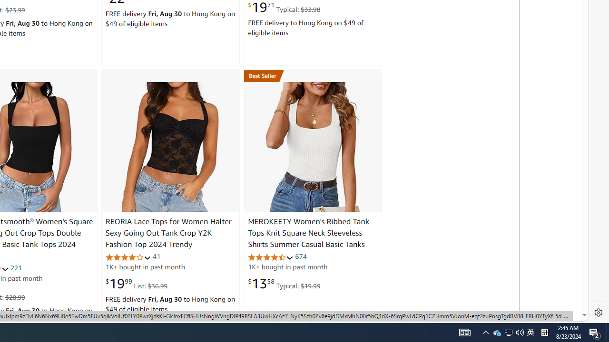 The image size is (609, 342). What do you see at coordinates (156, 256) in the screenshot?
I see `'41'` at bounding box center [156, 256].